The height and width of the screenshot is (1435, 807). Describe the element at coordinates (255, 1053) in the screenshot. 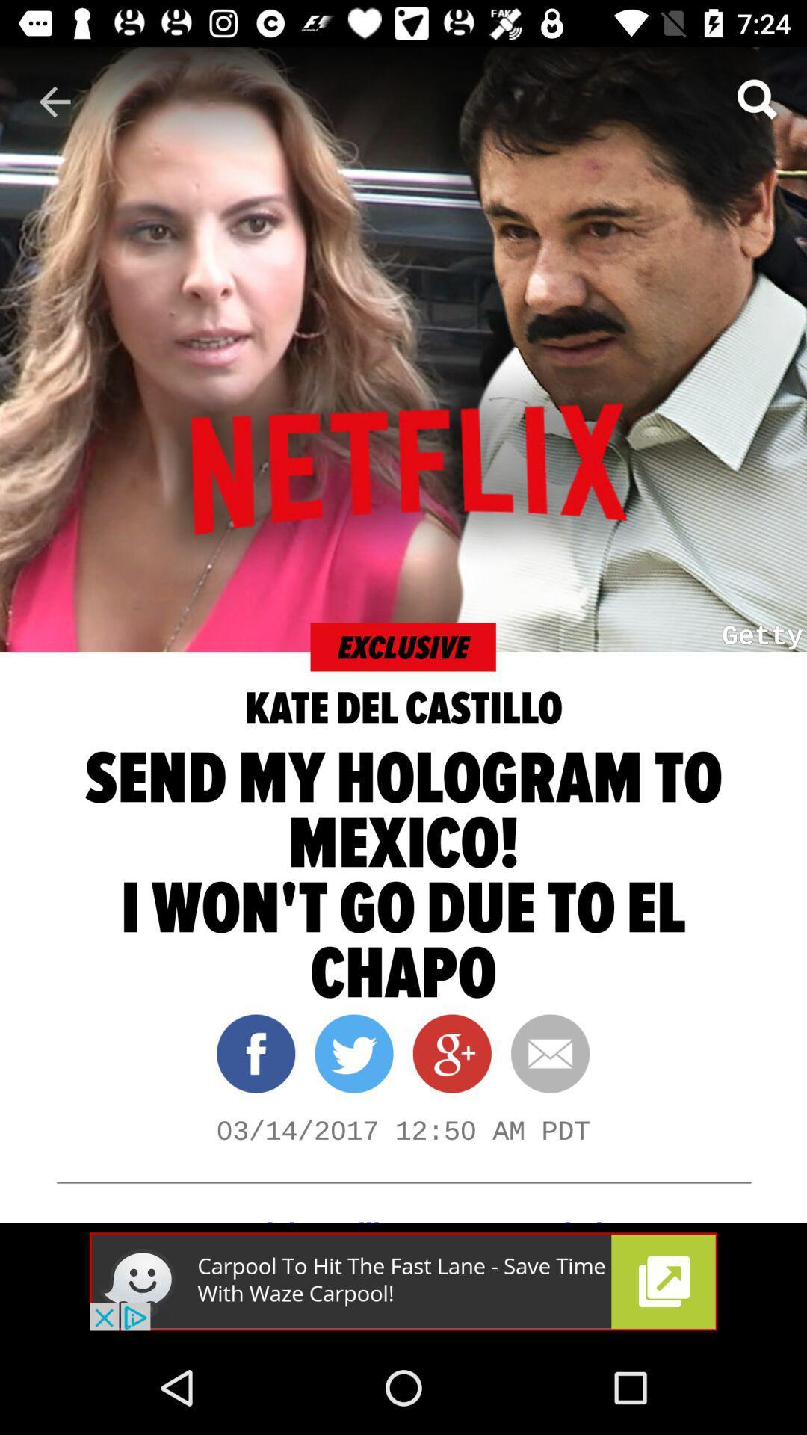

I see `the facebook icon` at that location.